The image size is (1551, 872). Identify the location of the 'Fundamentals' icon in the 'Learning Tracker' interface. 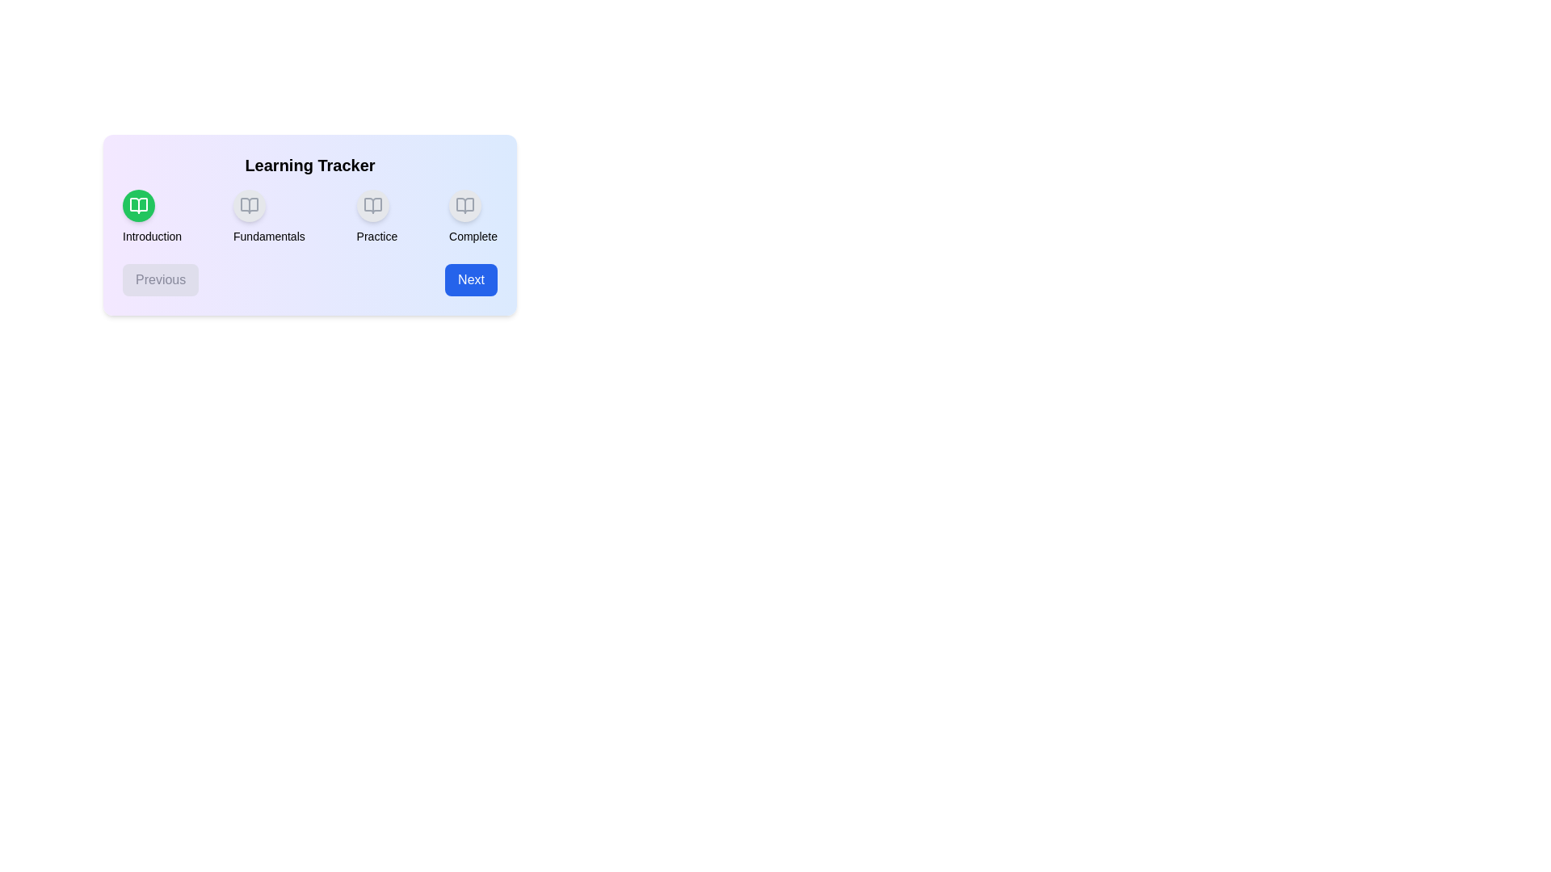
(249, 204).